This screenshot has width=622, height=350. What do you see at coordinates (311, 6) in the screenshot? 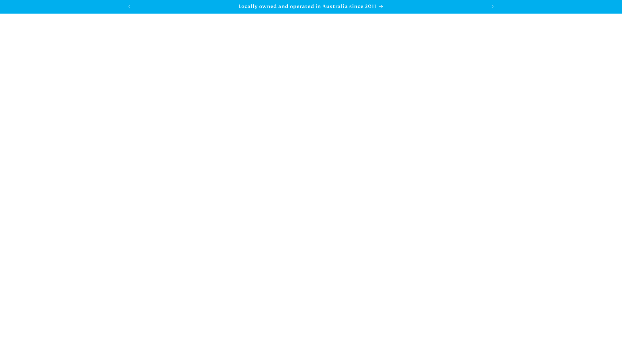
I see `'Locally owned and operated in Australia since 2011'` at bounding box center [311, 6].